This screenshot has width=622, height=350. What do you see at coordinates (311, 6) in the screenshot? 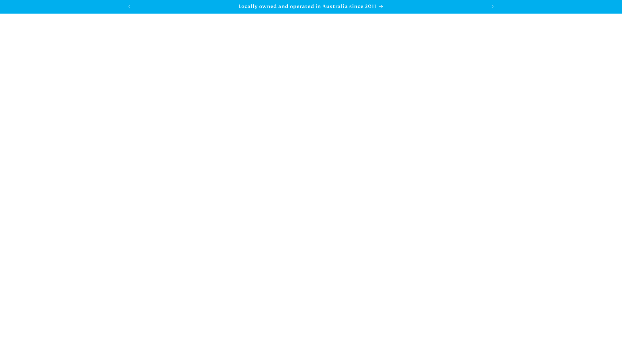
I see `'Locally owned and operated in Australia since 2011'` at bounding box center [311, 6].